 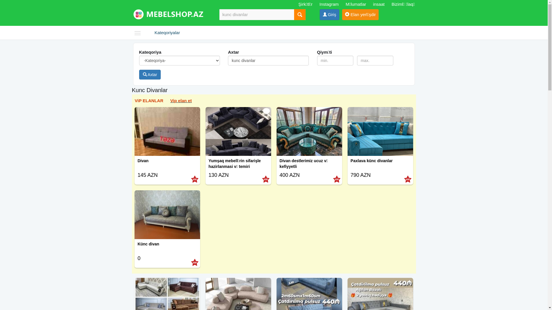 I want to click on 'Divan', so click(x=167, y=165).